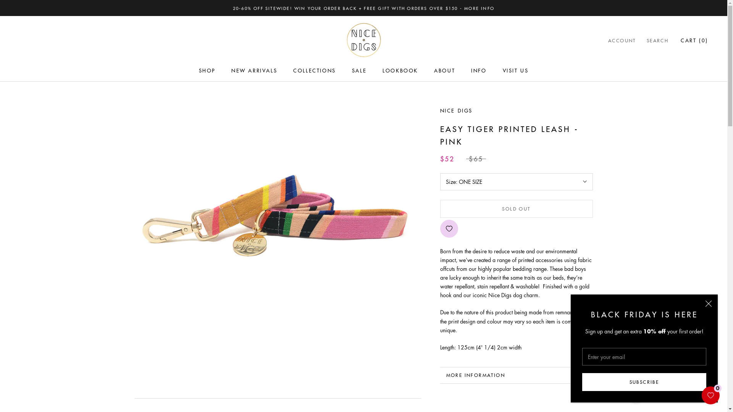 This screenshot has height=412, width=733. Describe the element at coordinates (516, 182) in the screenshot. I see `'Size: ONE SIZE'` at that location.